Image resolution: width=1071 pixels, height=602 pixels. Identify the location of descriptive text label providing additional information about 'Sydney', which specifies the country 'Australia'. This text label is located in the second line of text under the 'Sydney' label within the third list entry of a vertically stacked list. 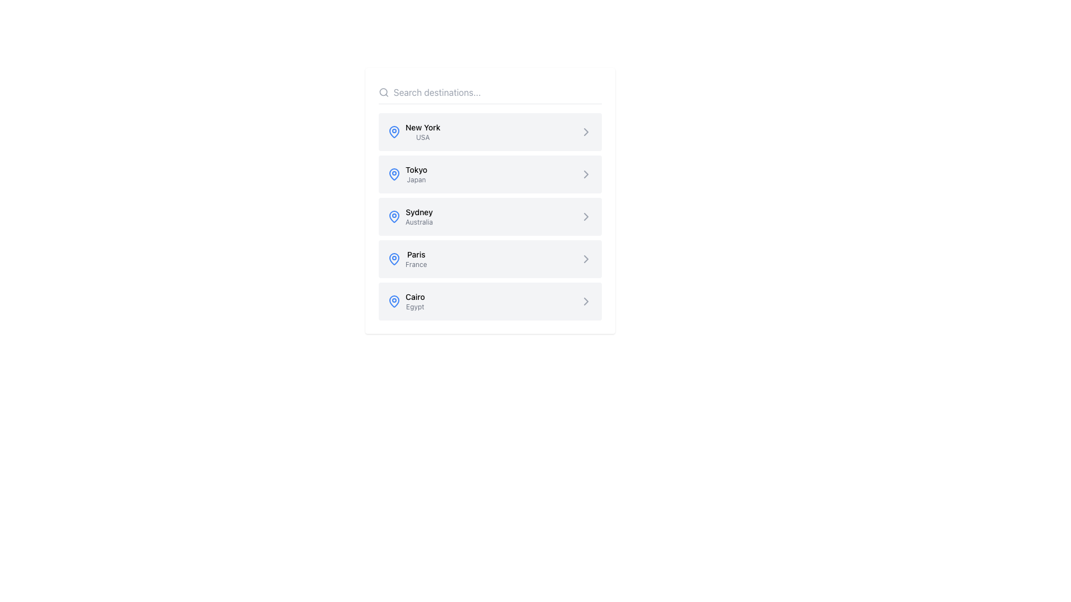
(418, 222).